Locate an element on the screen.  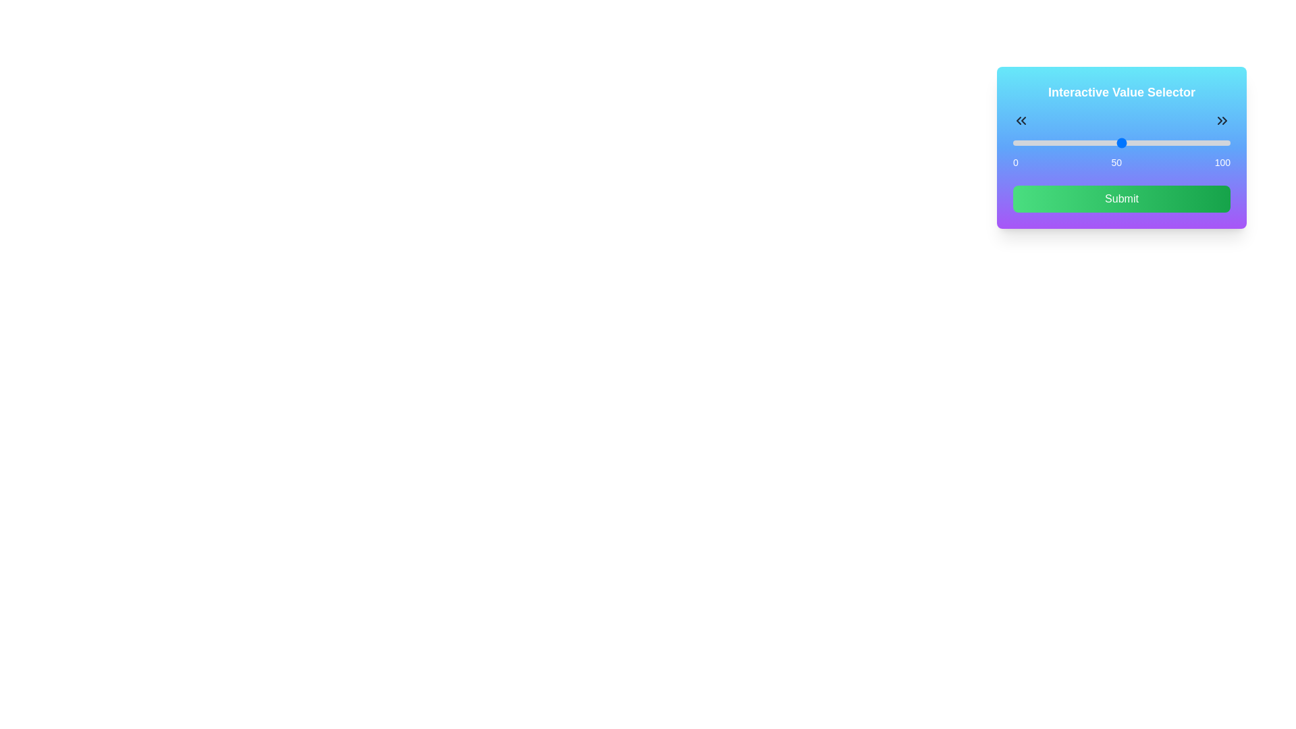
the right icon above the slider is located at coordinates (1222, 119).